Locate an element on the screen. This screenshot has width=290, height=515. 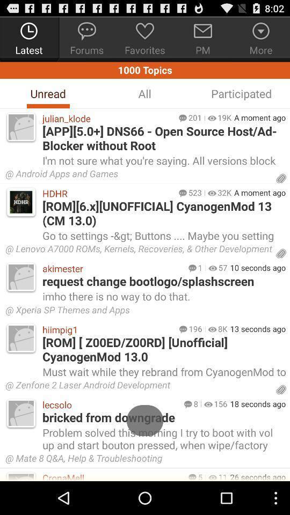
item below the must wait while is located at coordinates (139, 386).